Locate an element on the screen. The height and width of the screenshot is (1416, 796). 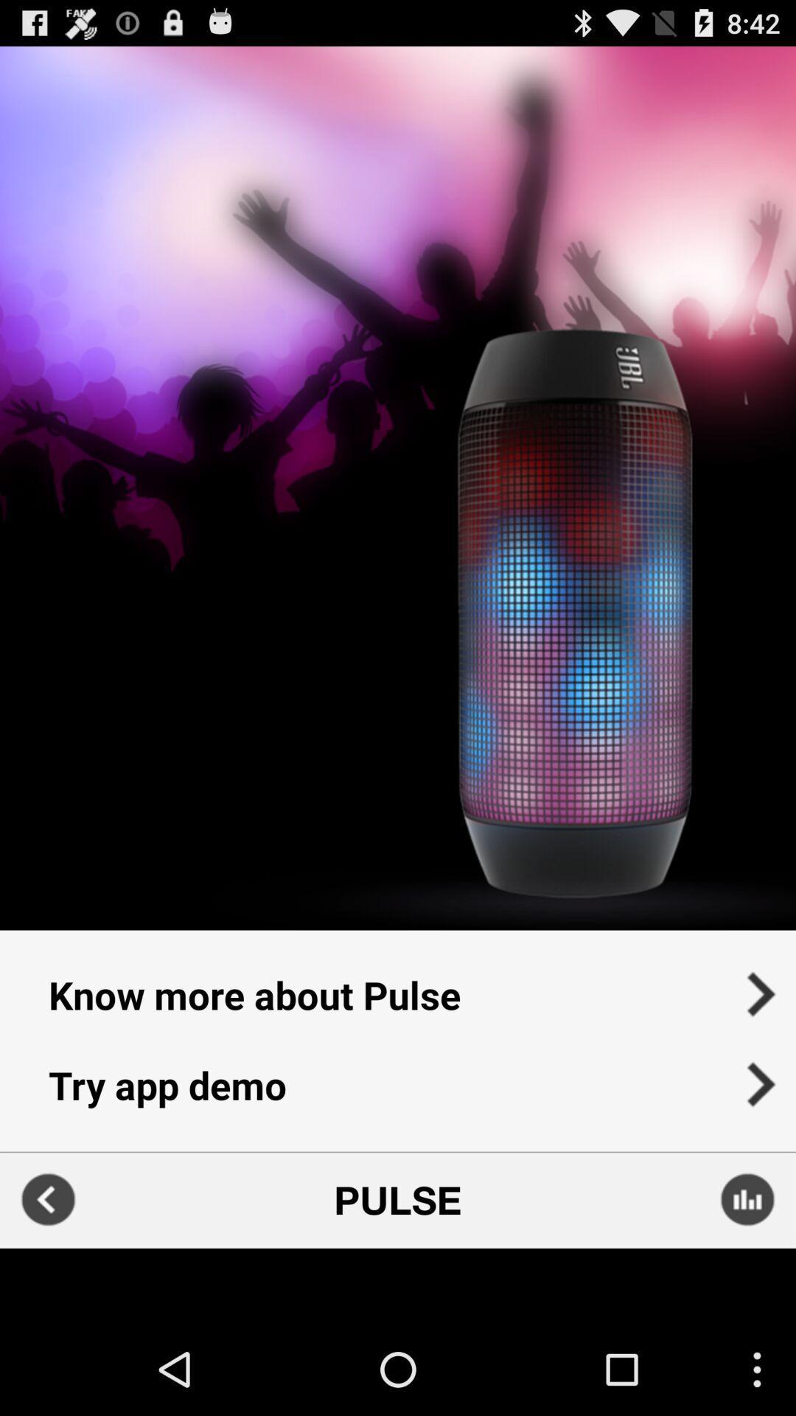
previous screen is located at coordinates (47, 1200).